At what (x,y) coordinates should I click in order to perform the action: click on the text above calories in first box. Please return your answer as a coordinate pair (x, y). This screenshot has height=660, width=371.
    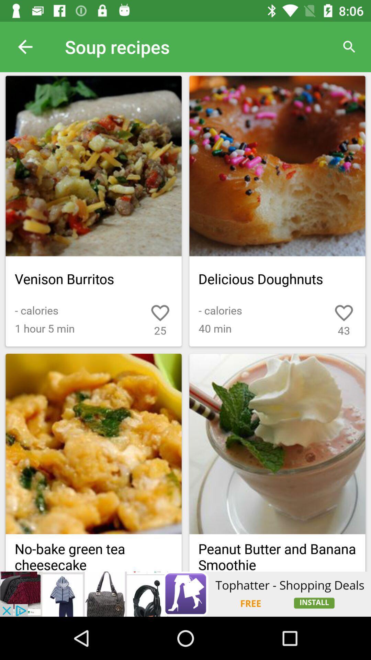
    Looking at the image, I should click on (94, 279).